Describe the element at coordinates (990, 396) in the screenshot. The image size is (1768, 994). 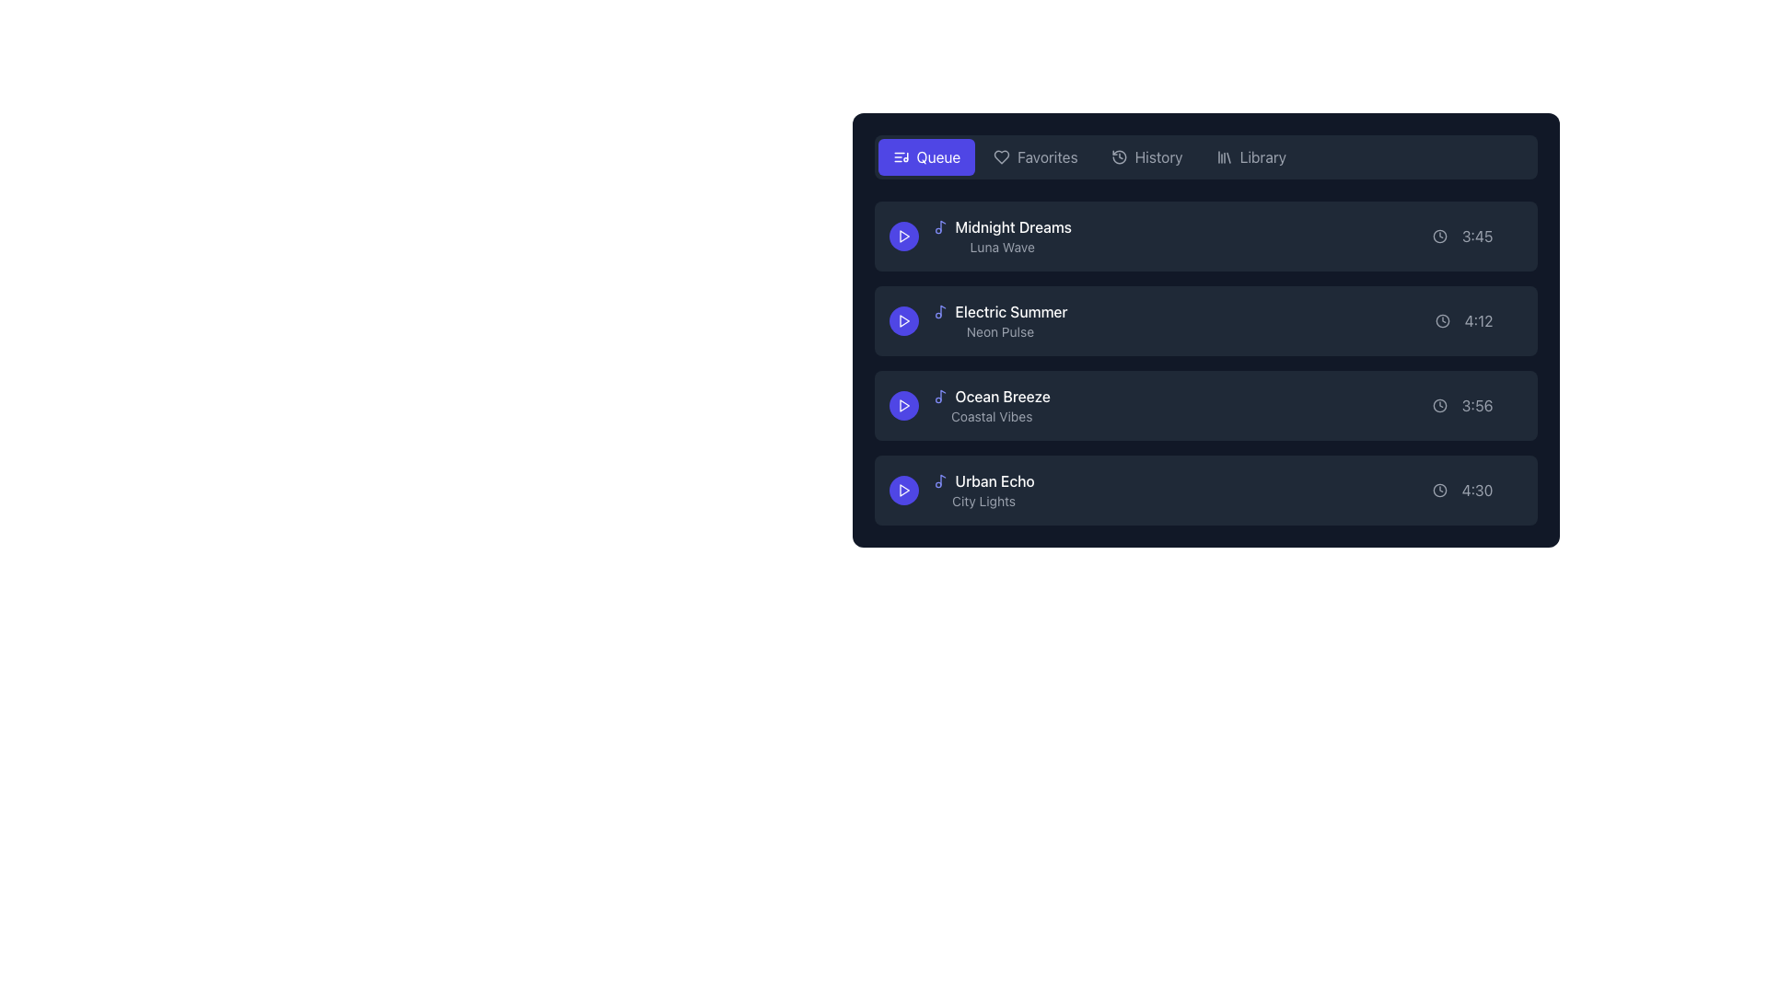
I see `the label displaying the title of the musical track 'Ocean Breeze' located in the third item of a vertically stacked list, positioned between 'Electric Summer' and 'Urban Echo'` at that location.